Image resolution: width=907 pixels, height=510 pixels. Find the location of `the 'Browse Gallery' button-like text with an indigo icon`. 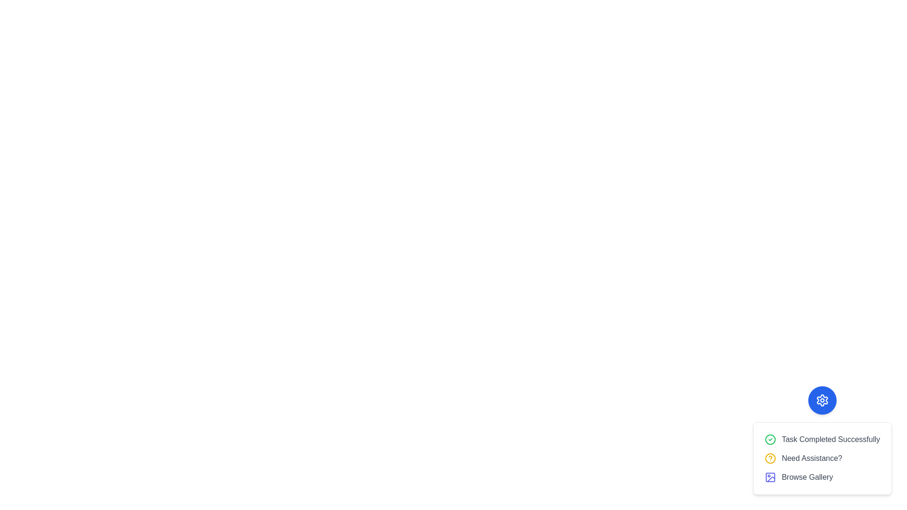

the 'Browse Gallery' button-like text with an indigo icon is located at coordinates (821, 477).